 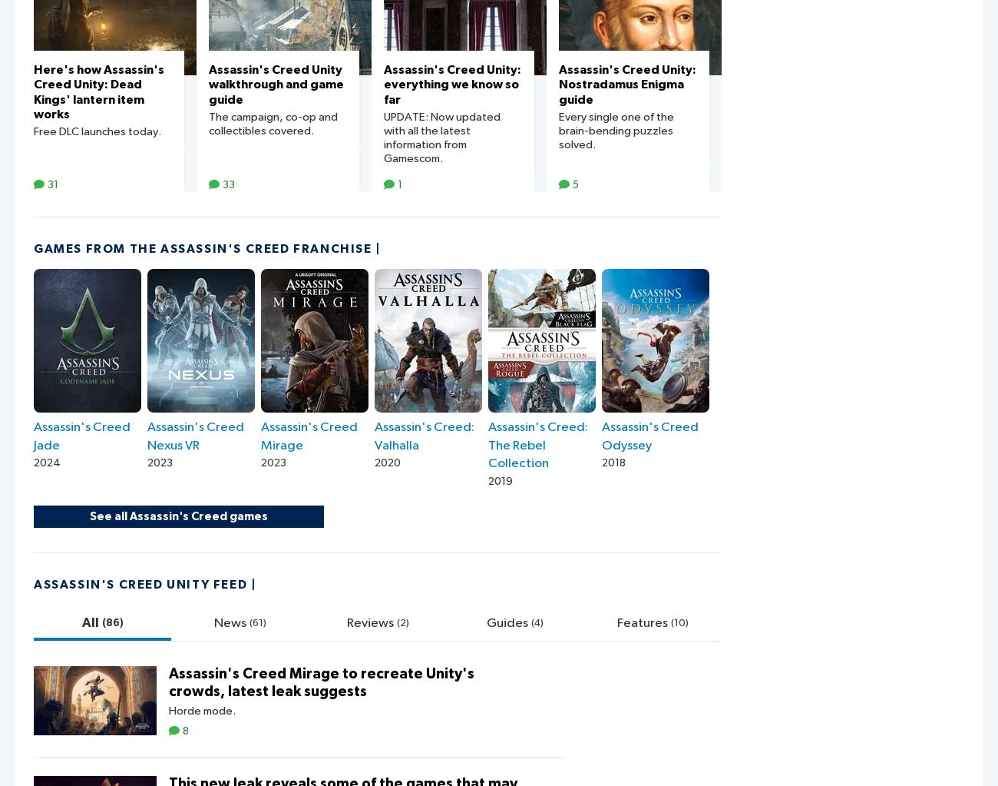 I want to click on 'See all Assassin's Creed games', so click(x=177, y=516).